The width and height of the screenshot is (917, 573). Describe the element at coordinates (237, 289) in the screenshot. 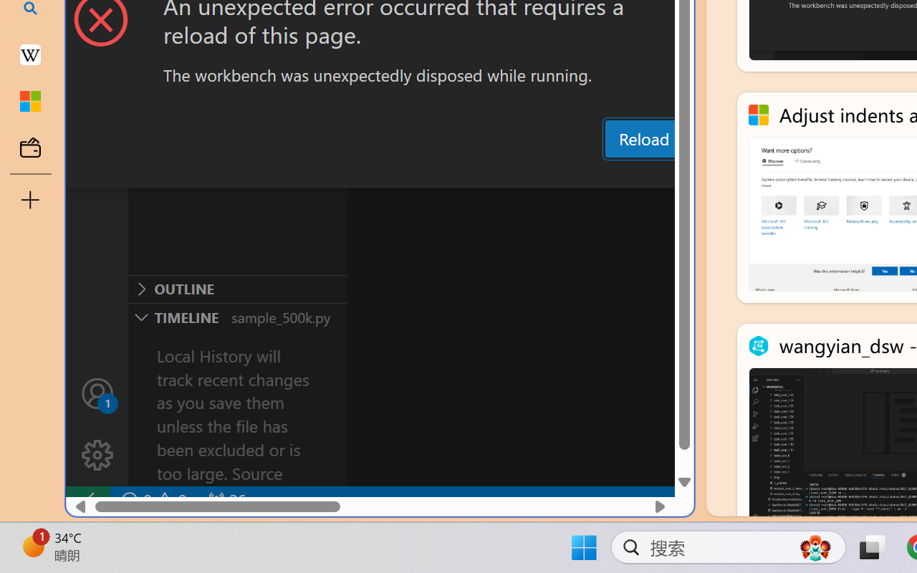

I see `'Outline Section'` at that location.